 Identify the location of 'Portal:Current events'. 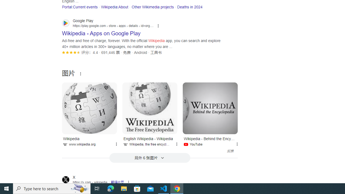
(80, 7).